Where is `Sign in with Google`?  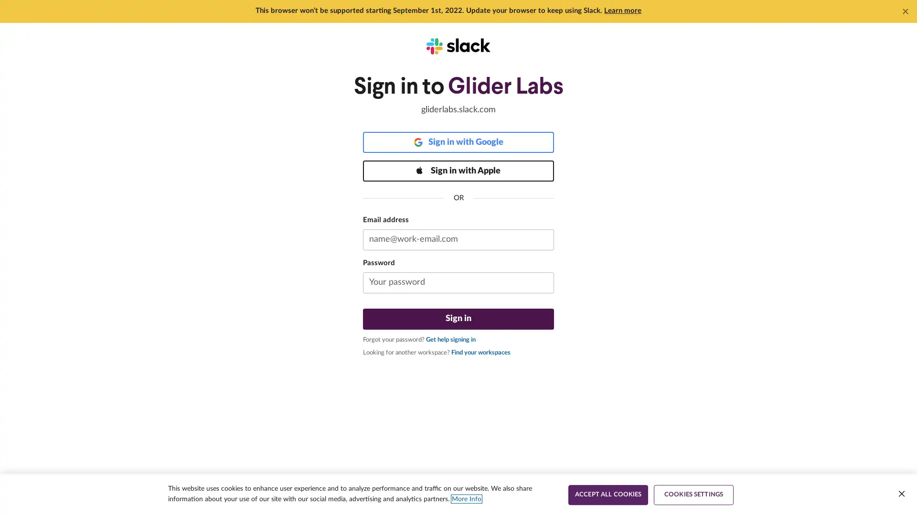 Sign in with Google is located at coordinates (458, 142).